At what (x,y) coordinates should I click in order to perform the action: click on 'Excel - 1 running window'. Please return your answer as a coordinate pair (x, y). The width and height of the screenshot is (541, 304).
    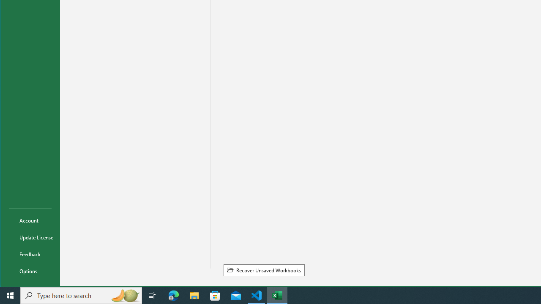
    Looking at the image, I should click on (277, 295).